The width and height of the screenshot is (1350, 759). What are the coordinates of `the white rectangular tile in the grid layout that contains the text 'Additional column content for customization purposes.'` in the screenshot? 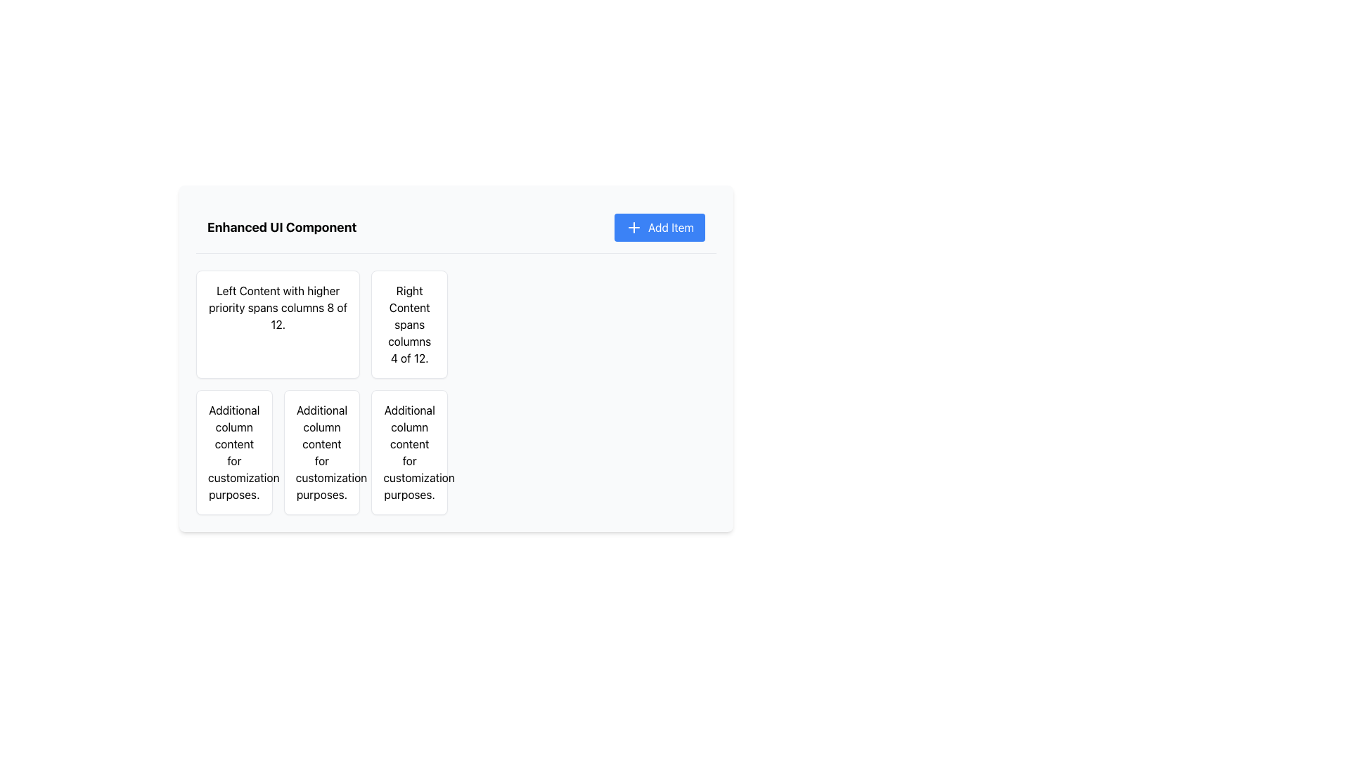 It's located at (321, 453).